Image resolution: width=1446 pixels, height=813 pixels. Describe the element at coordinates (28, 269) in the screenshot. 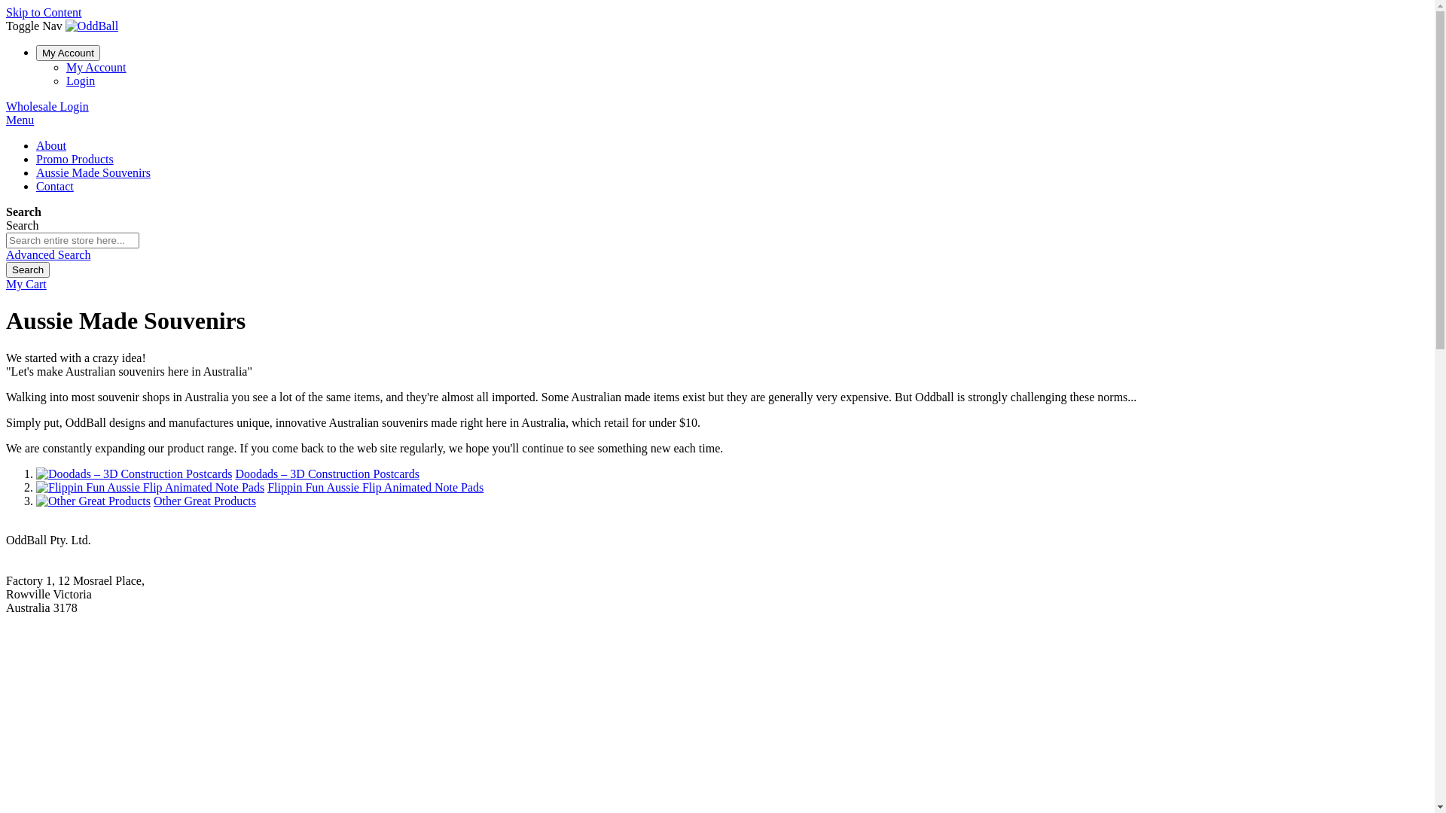

I see `'Search'` at that location.